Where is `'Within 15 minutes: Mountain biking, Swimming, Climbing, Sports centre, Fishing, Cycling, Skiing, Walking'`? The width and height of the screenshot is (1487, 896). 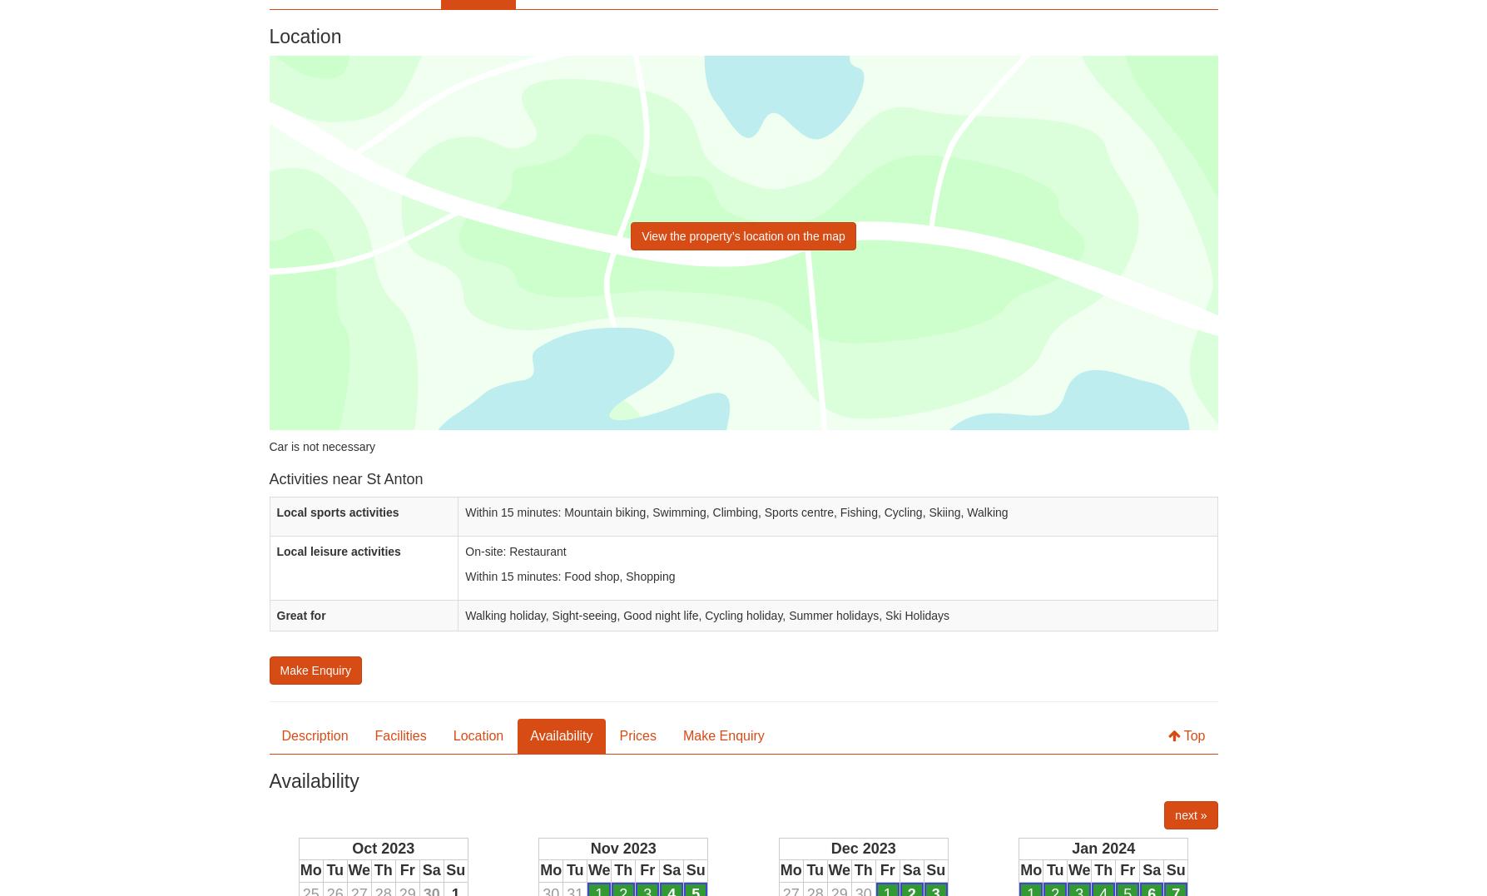 'Within 15 minutes: Mountain biking, Swimming, Climbing, Sports centre, Fishing, Cycling, Skiing, Walking' is located at coordinates (736, 510).